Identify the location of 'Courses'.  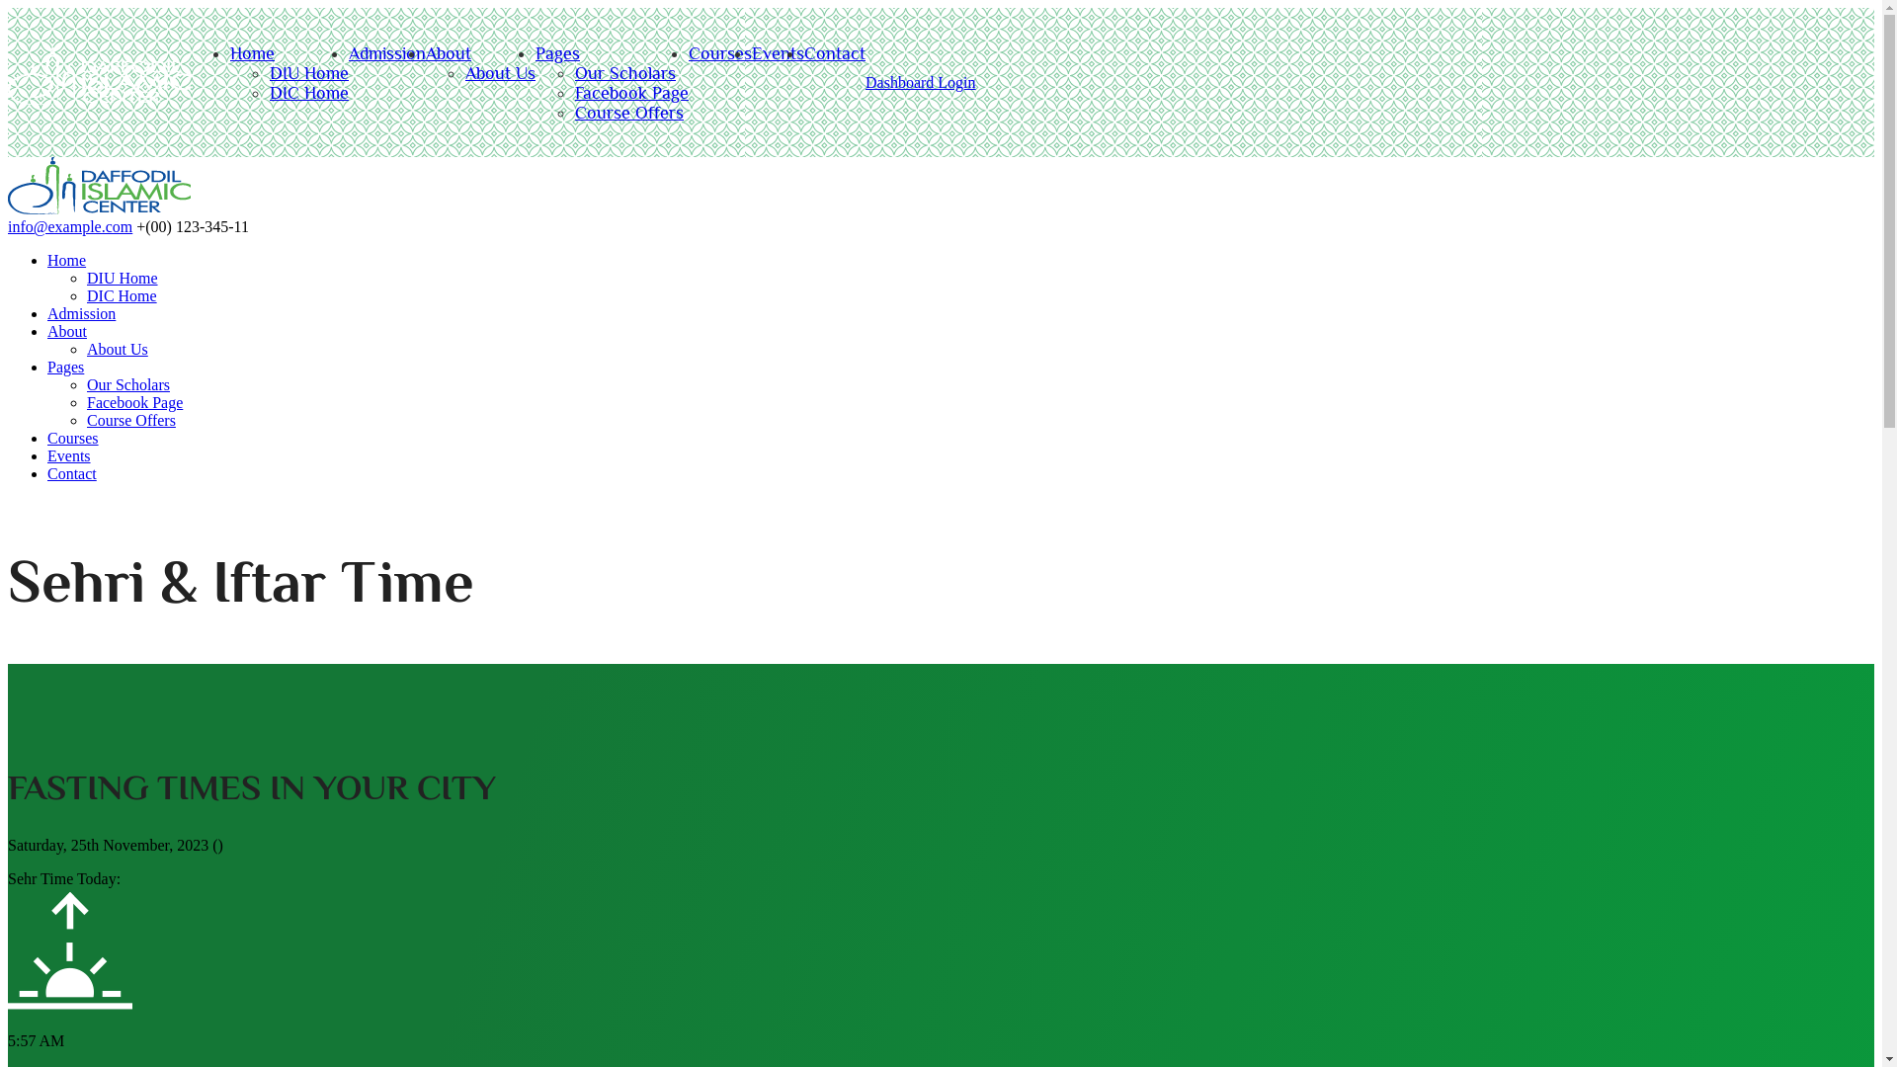
(72, 437).